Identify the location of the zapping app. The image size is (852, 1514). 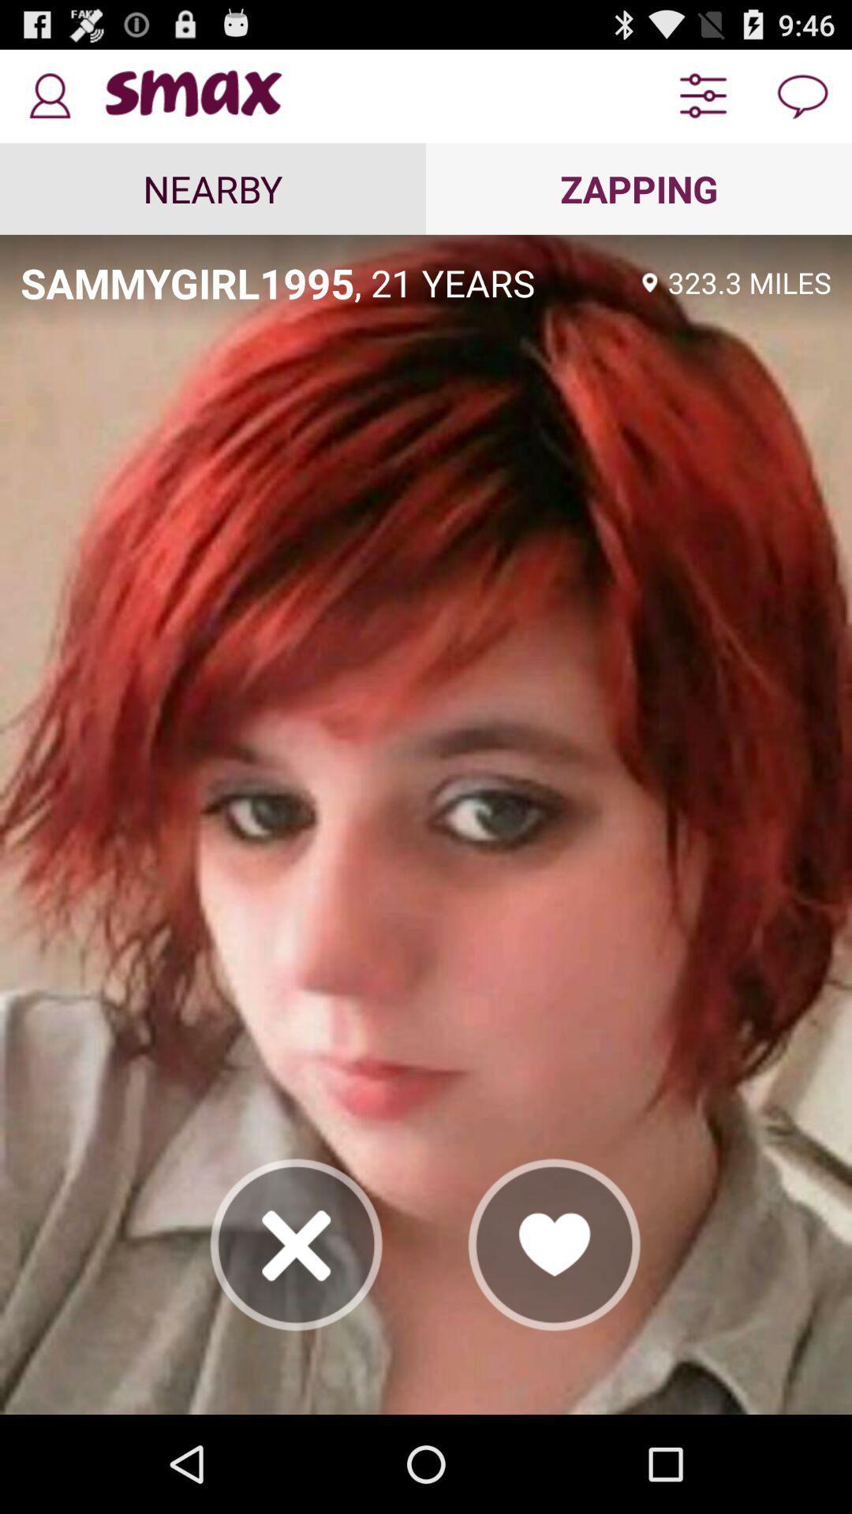
(639, 188).